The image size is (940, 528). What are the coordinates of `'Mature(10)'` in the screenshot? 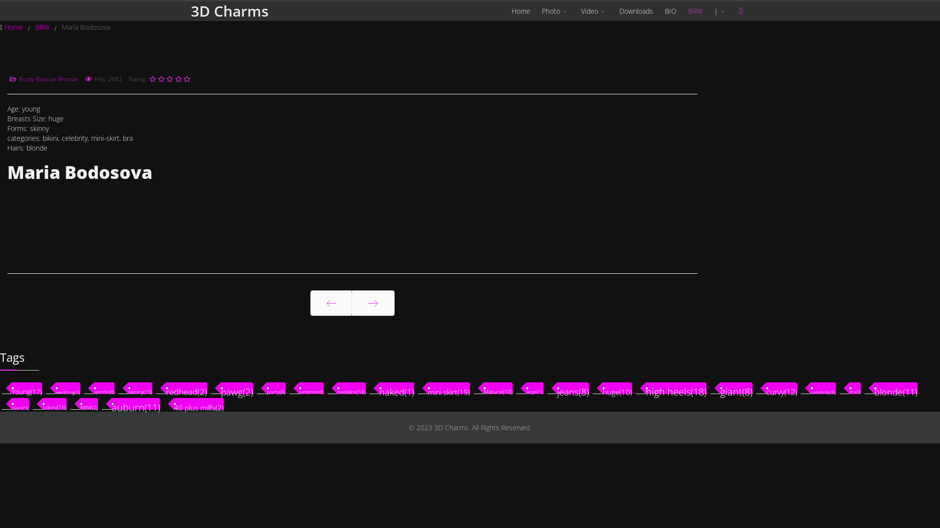 It's located at (498, 388).